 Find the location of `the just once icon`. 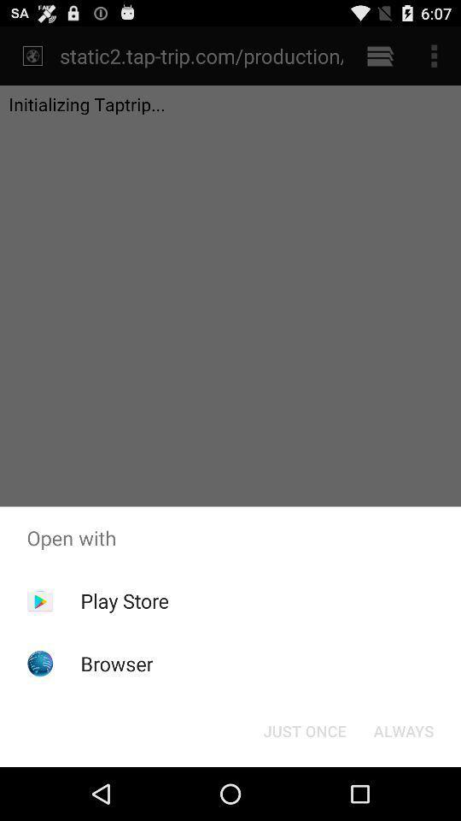

the just once icon is located at coordinates (304, 729).